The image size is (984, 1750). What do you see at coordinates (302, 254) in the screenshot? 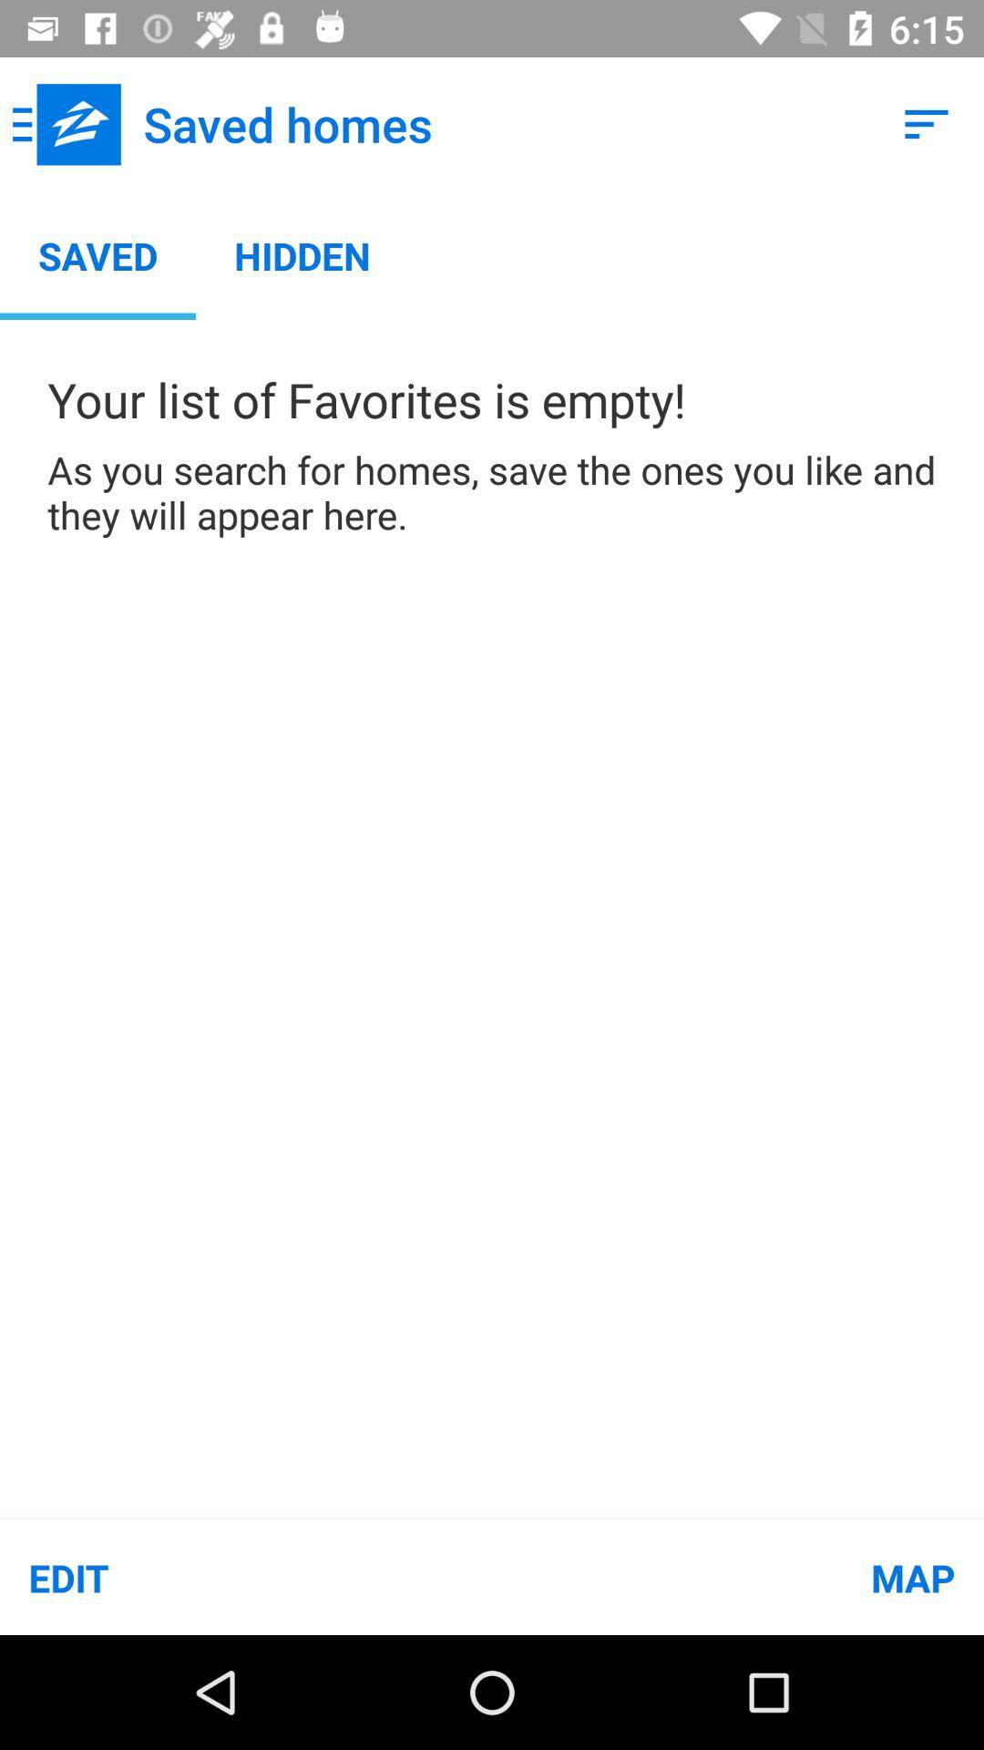
I see `the hidden item` at bounding box center [302, 254].